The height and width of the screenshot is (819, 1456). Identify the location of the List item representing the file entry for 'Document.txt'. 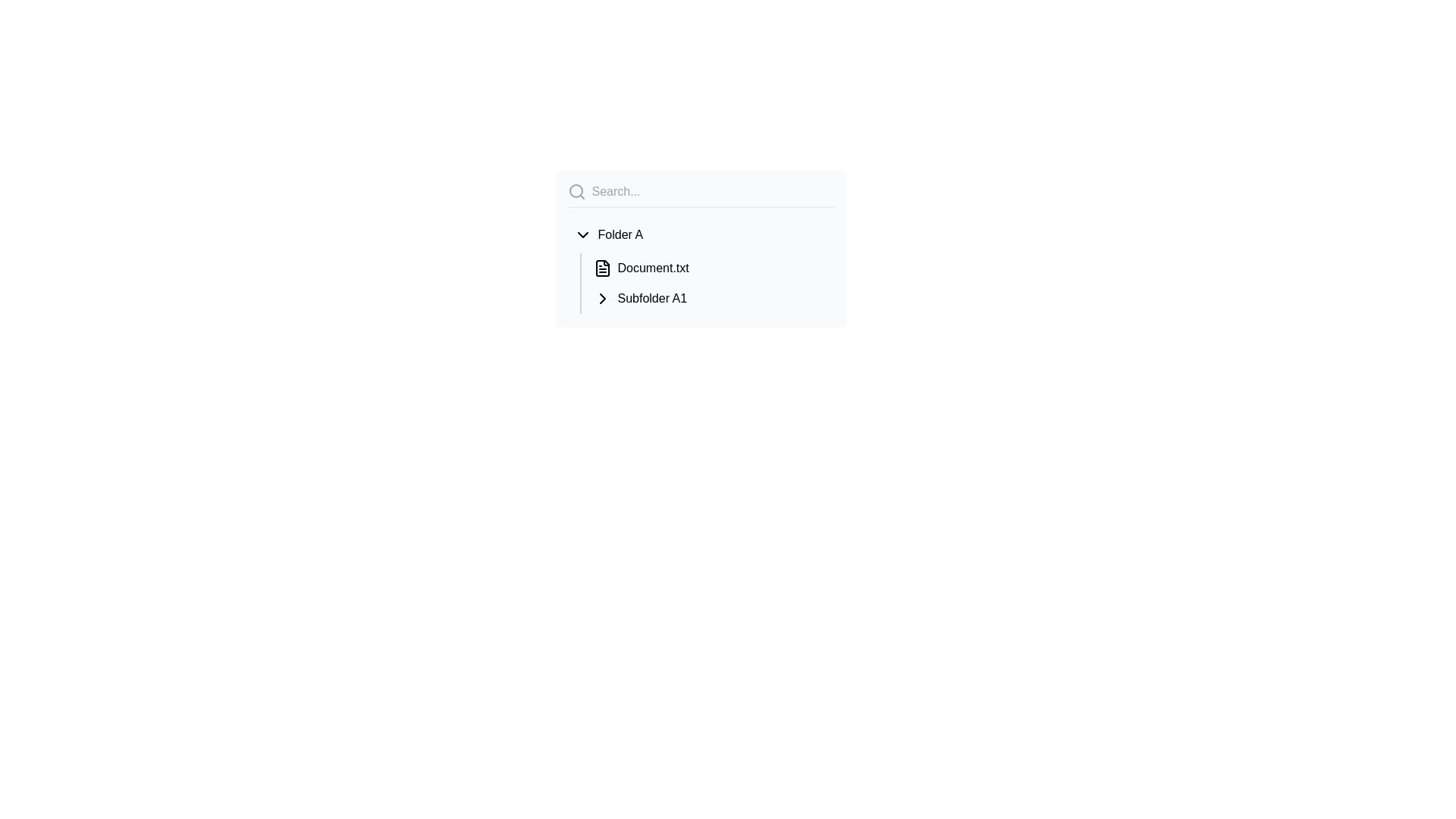
(710, 268).